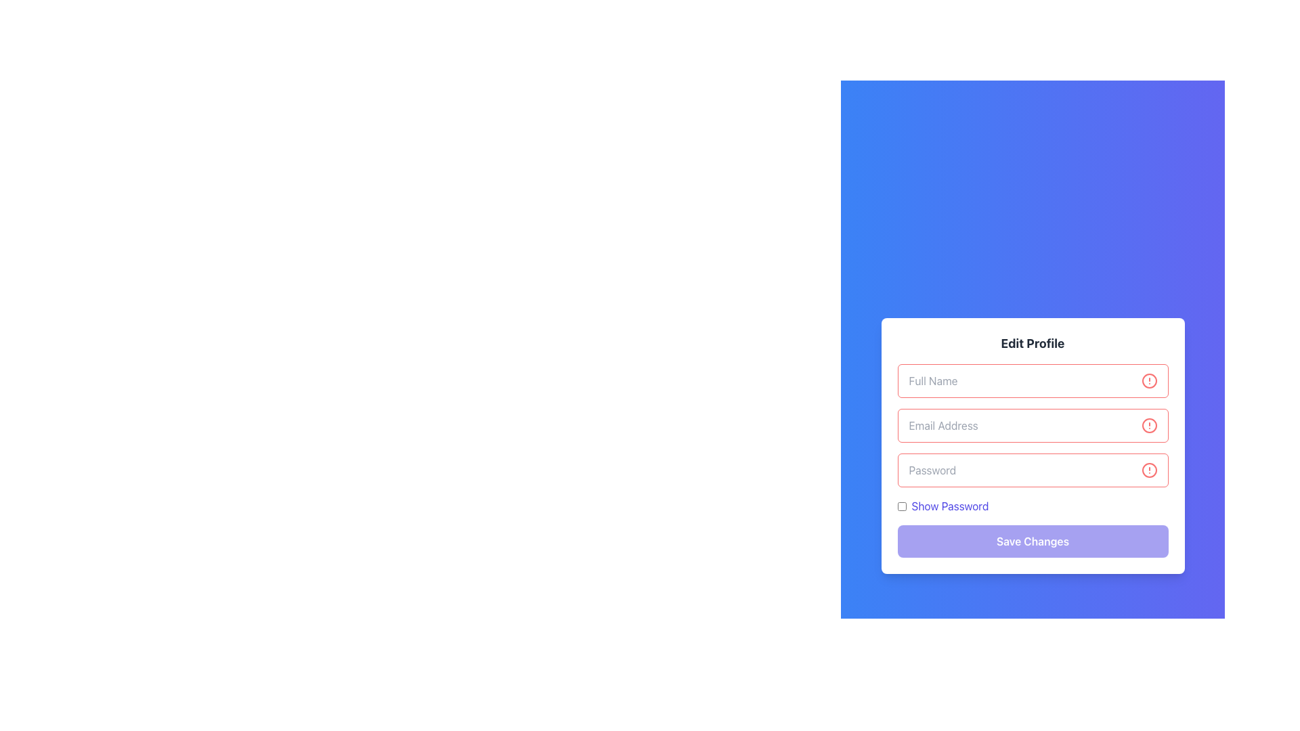 This screenshot has height=731, width=1300. I want to click on the checkbox located to the left of the 'Show Password' label, so click(901, 506).